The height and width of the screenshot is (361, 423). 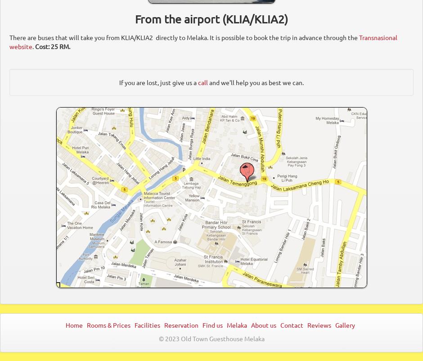 I want to click on 'If you are lost, just give us a', so click(x=158, y=82).